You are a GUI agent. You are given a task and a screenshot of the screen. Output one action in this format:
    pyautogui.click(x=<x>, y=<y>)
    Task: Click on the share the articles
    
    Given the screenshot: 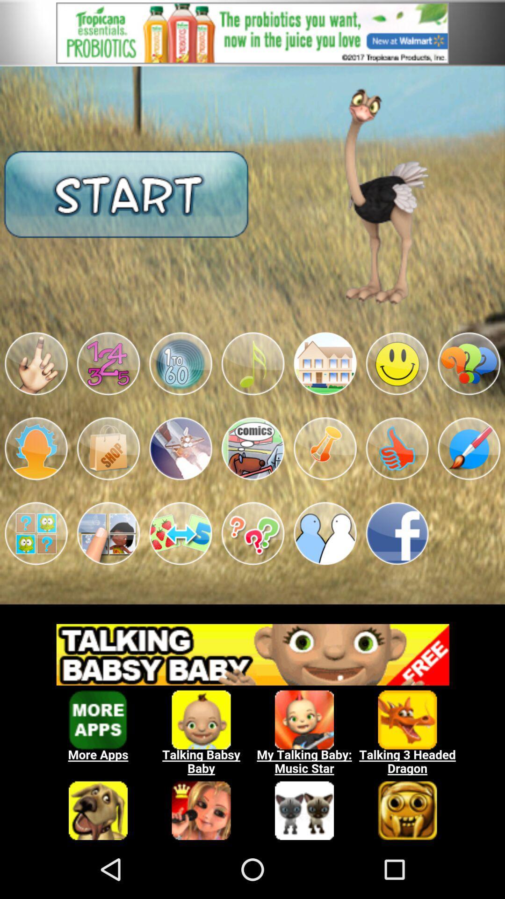 What is the action you would take?
    pyautogui.click(x=397, y=533)
    